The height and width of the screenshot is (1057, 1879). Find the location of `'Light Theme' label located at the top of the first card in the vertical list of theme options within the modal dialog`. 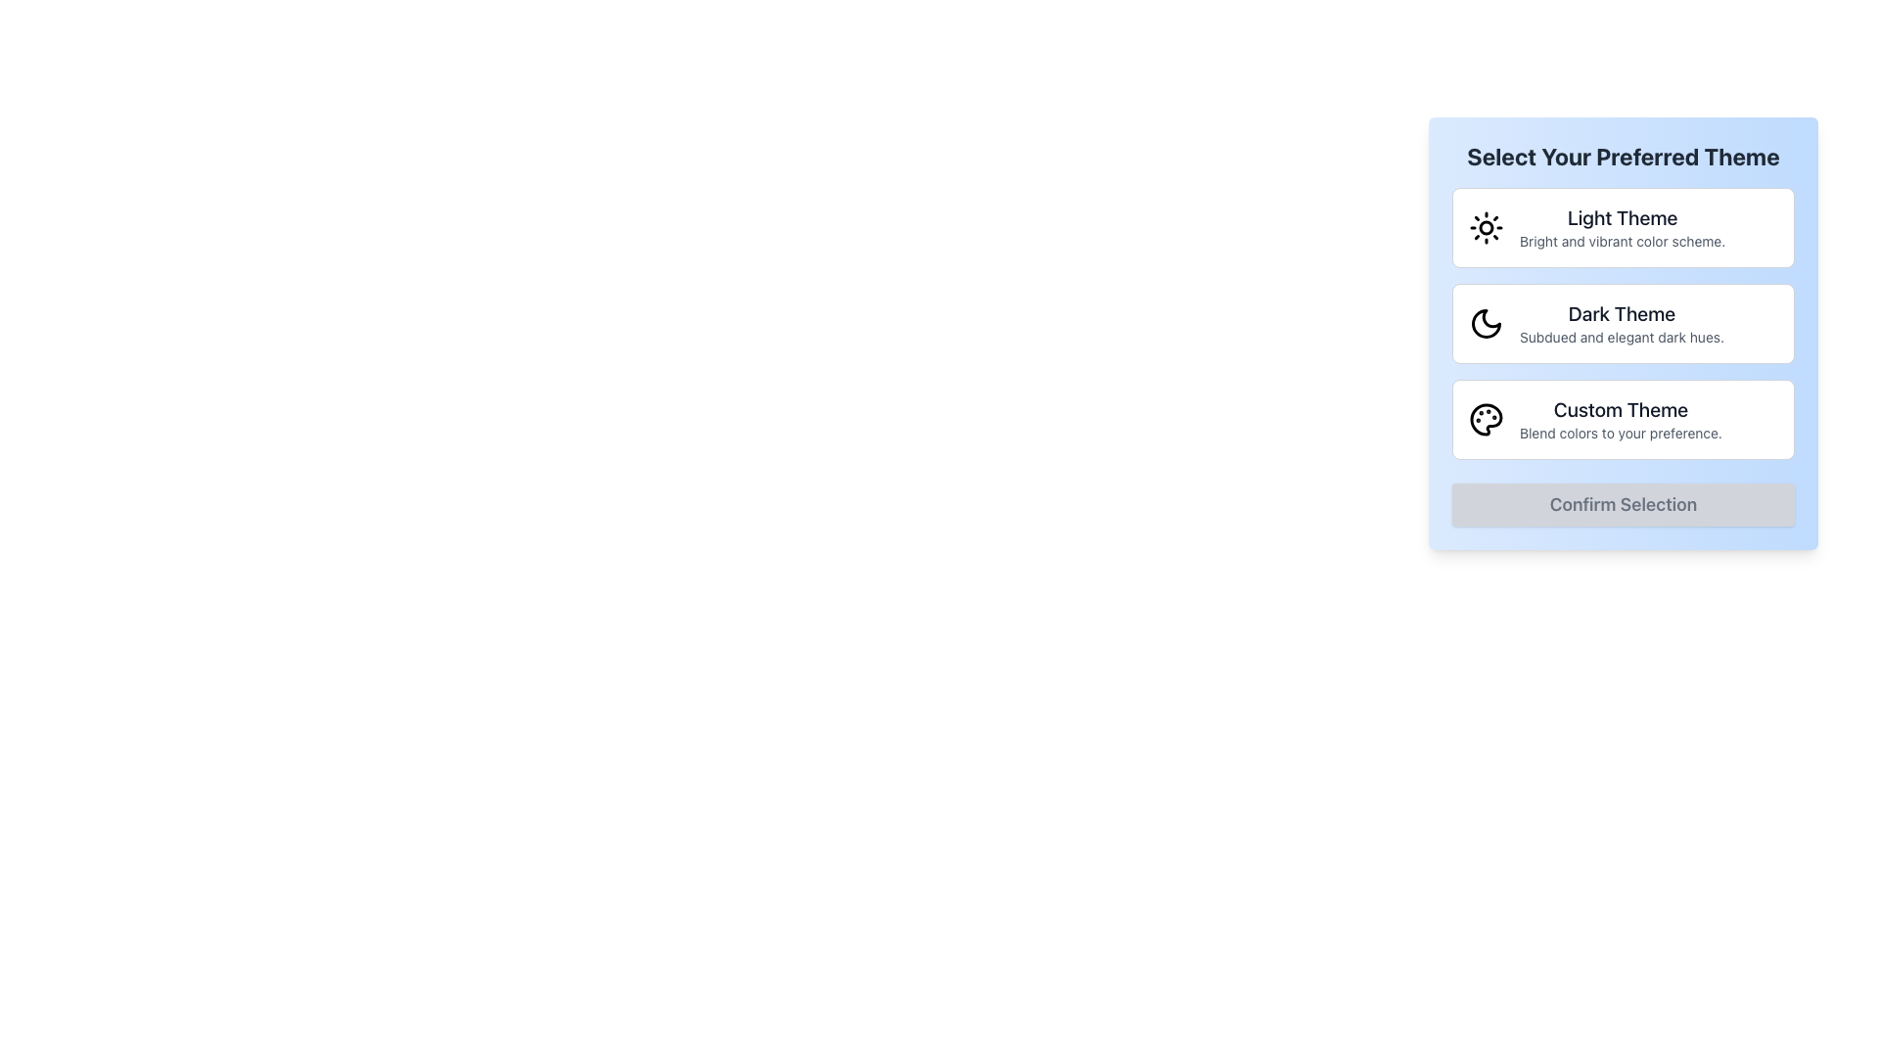

'Light Theme' label located at the top of the first card in the vertical list of theme options within the modal dialog is located at coordinates (1623, 218).